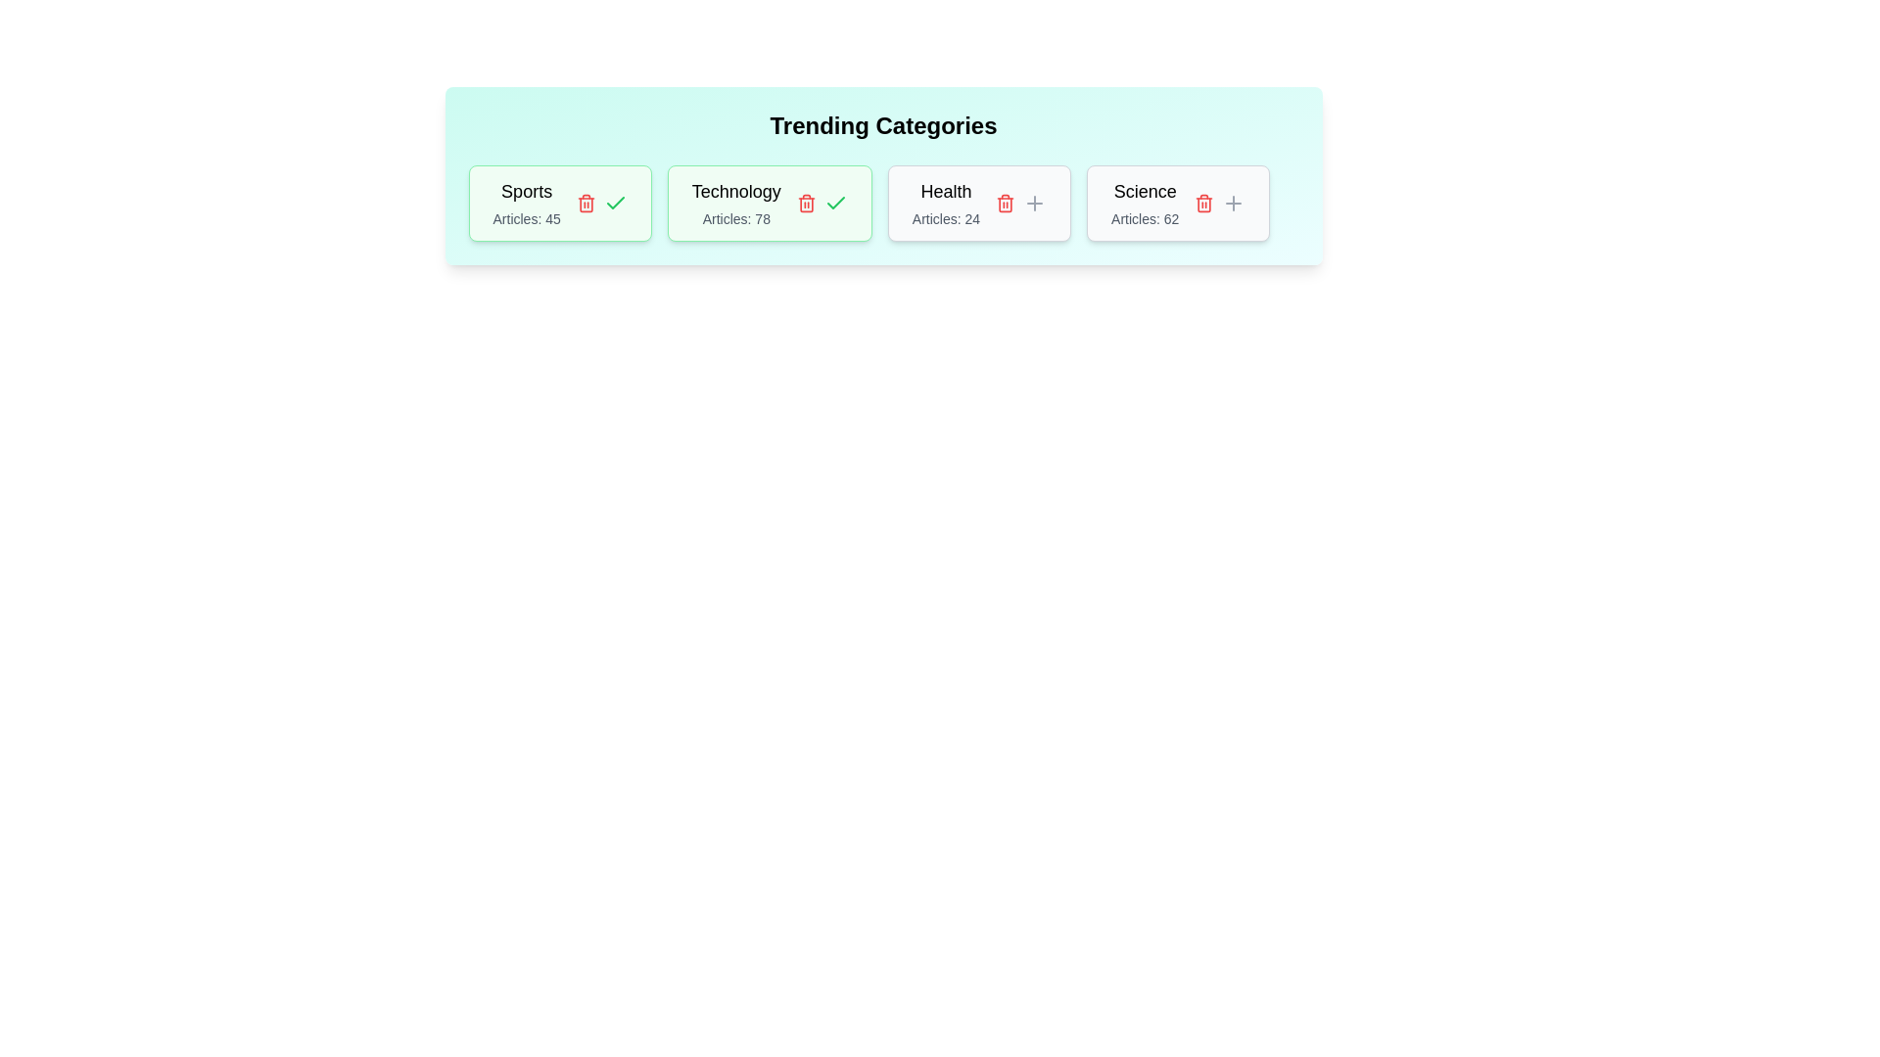 This screenshot has height=1057, width=1880. Describe the element at coordinates (1006, 204) in the screenshot. I see `the delete button for the tag with name Health` at that location.